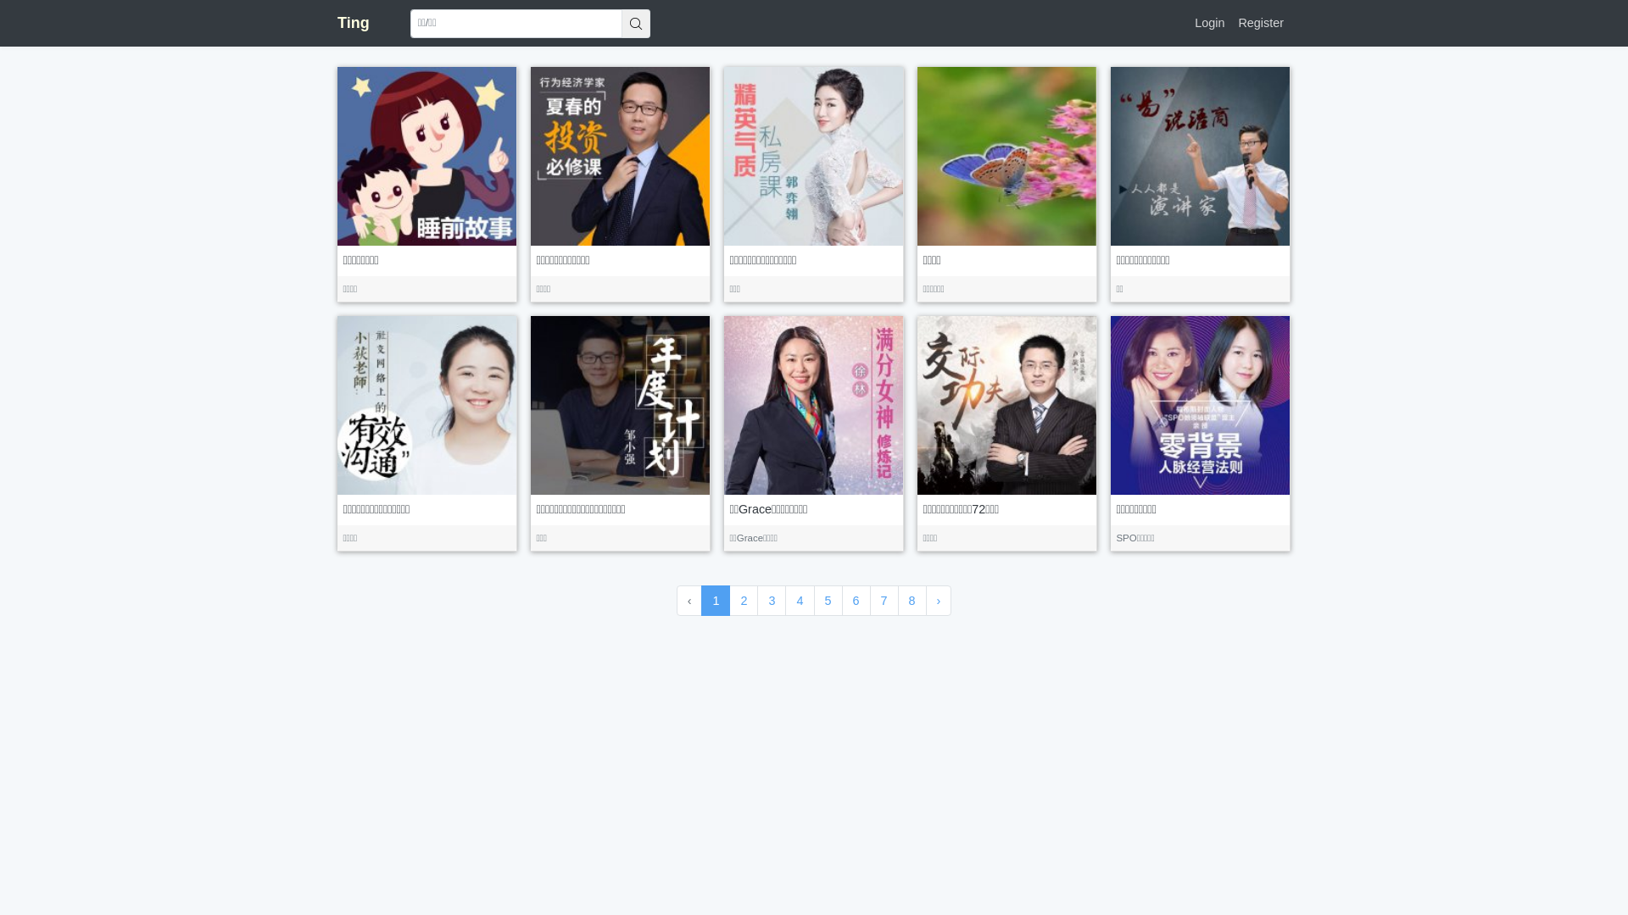 This screenshot has width=1628, height=915. Describe the element at coordinates (755, 600) in the screenshot. I see `'3'` at that location.